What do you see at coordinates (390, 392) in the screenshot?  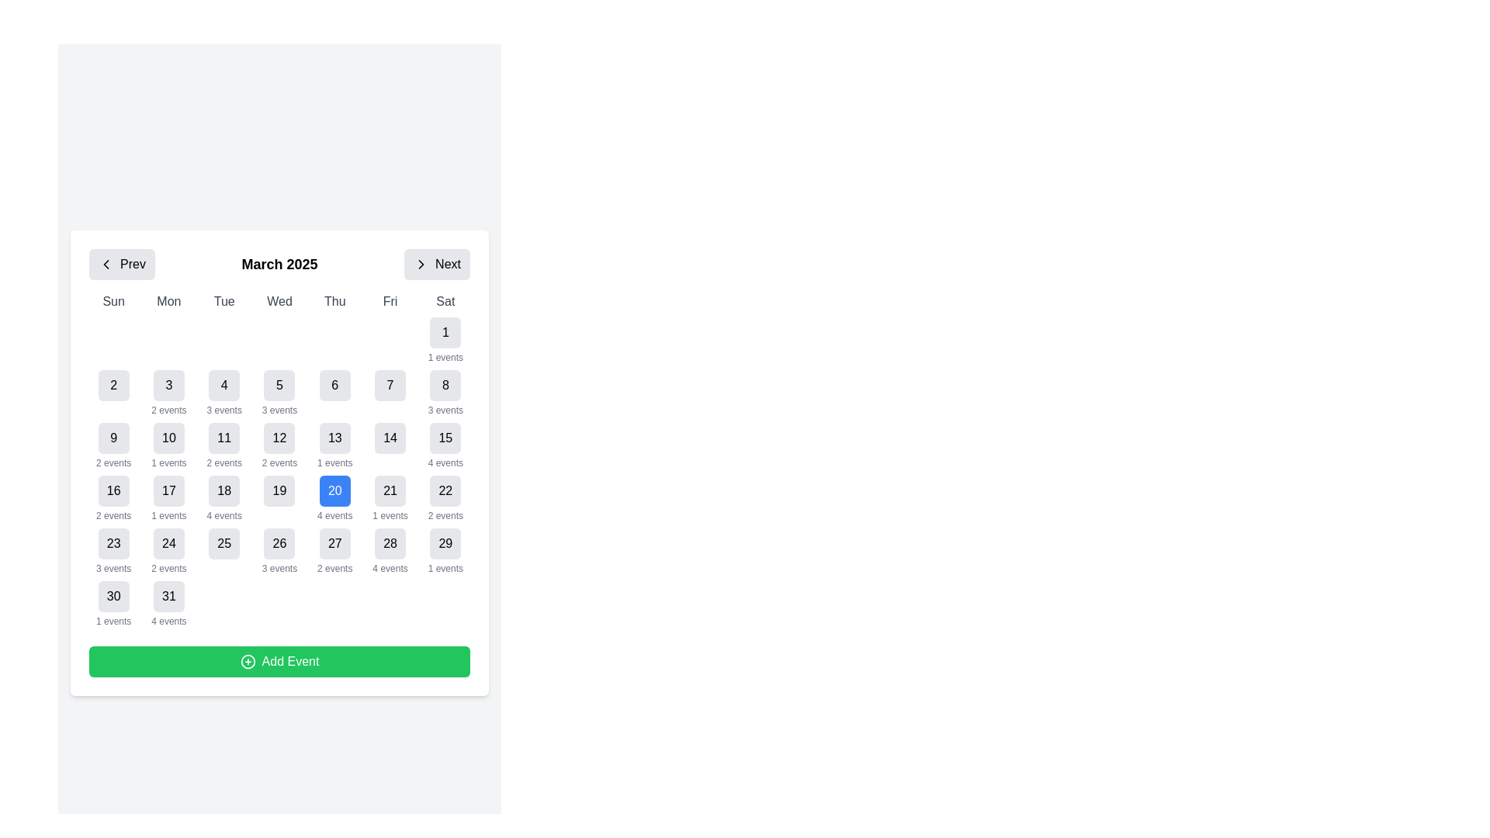 I see `the date '7' button in the calendar view` at bounding box center [390, 392].